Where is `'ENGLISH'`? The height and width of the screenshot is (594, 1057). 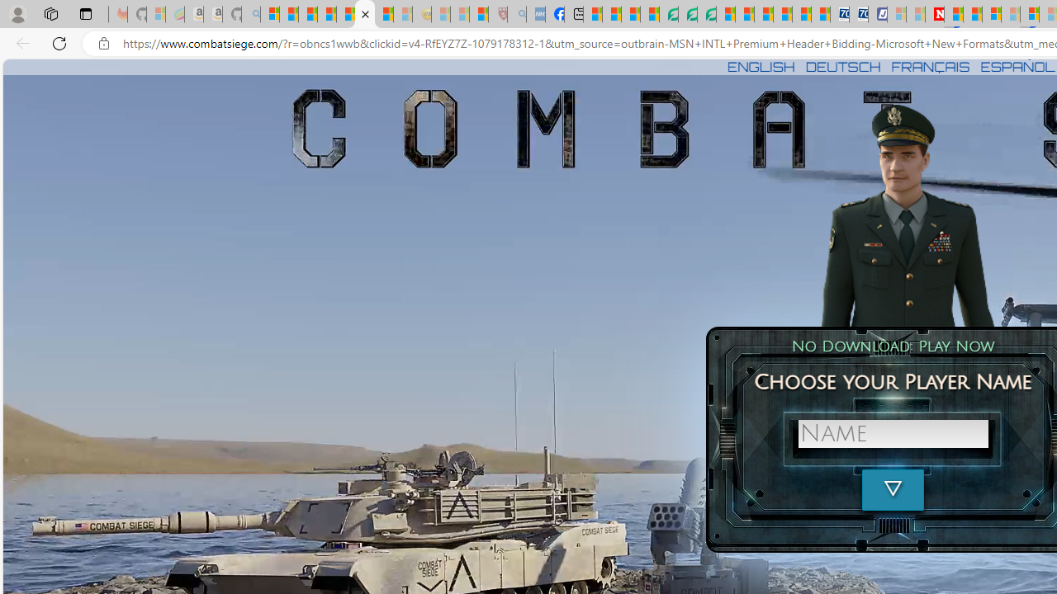 'ENGLISH' is located at coordinates (760, 66).